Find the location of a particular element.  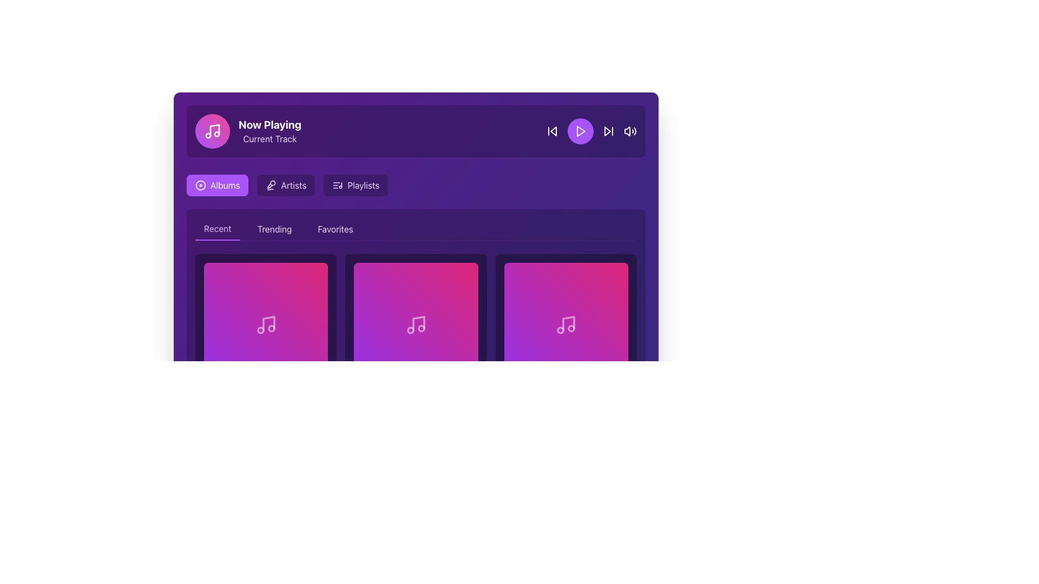

the music list icon, which features horizontal lines and a musical note, located next to the 'Playlists' label in the navigation menu is located at coordinates (337, 185).